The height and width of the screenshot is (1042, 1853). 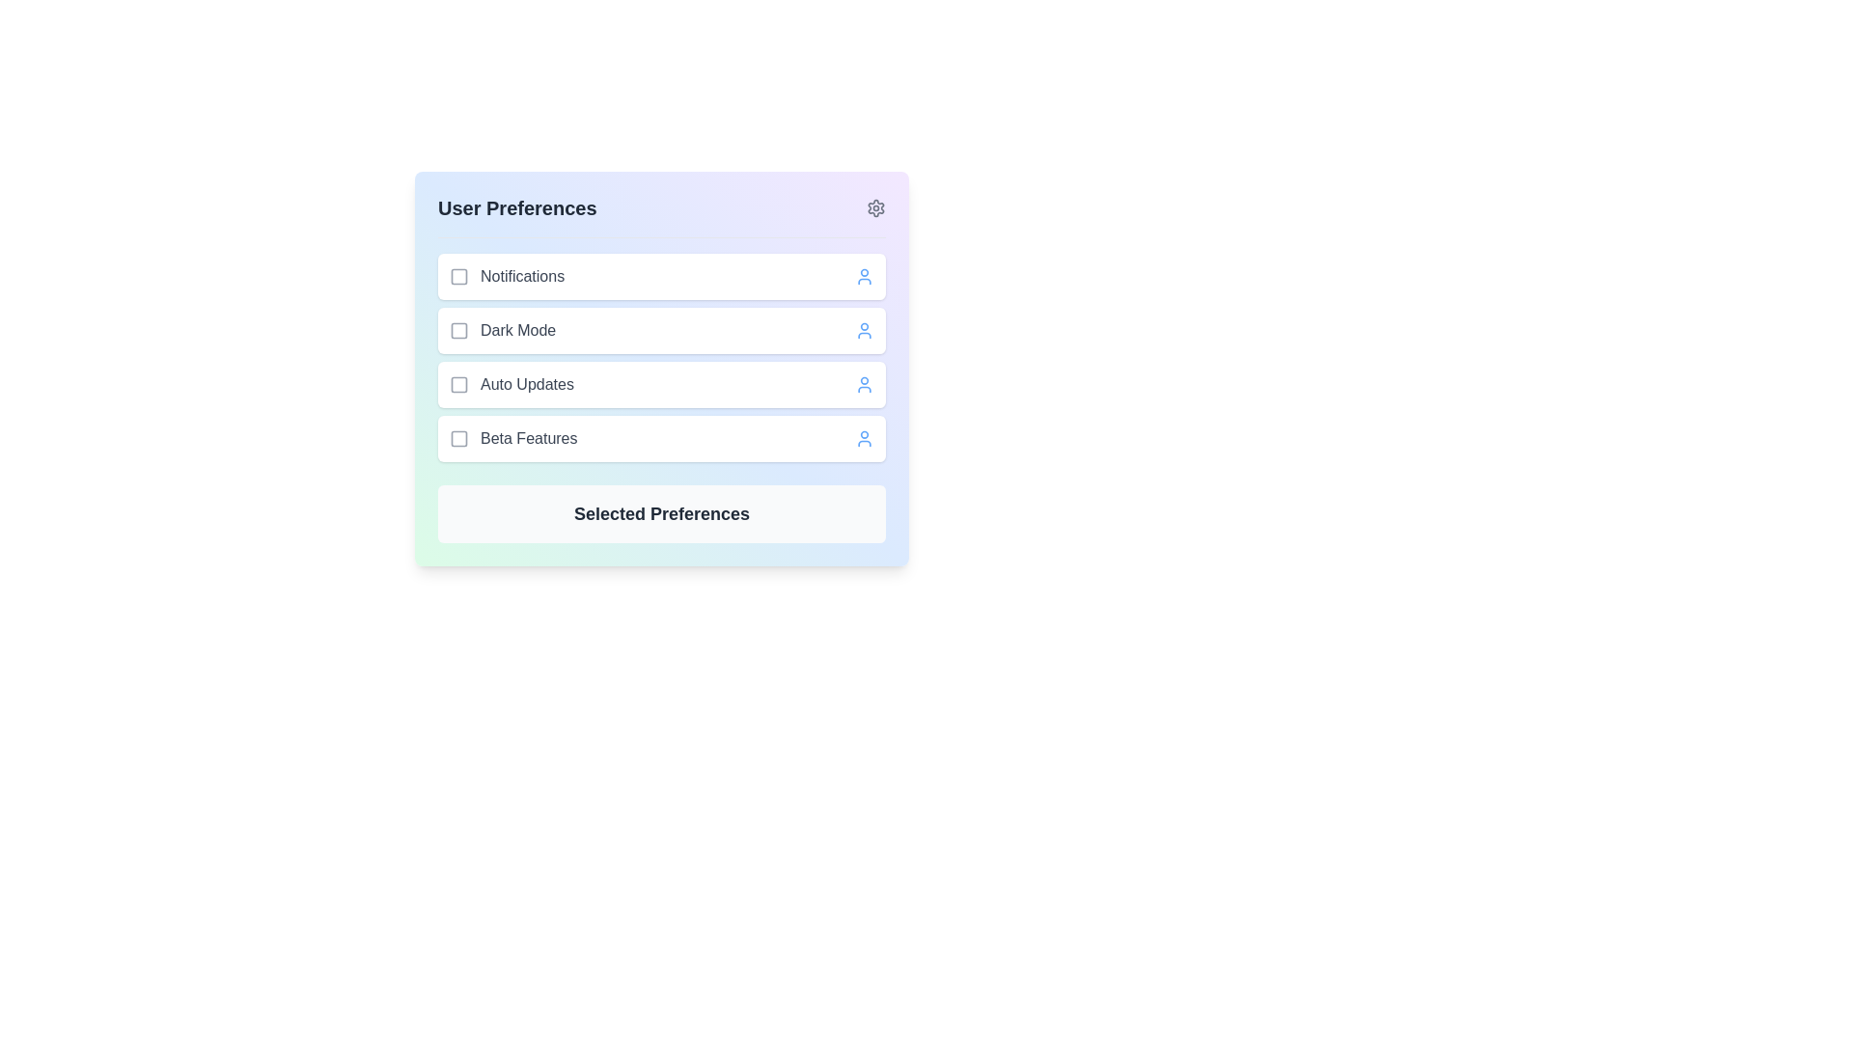 What do you see at coordinates (513, 439) in the screenshot?
I see `the checkbox labeled 'Beta Features', which is the fourth option in a vertically-aligned list of choices` at bounding box center [513, 439].